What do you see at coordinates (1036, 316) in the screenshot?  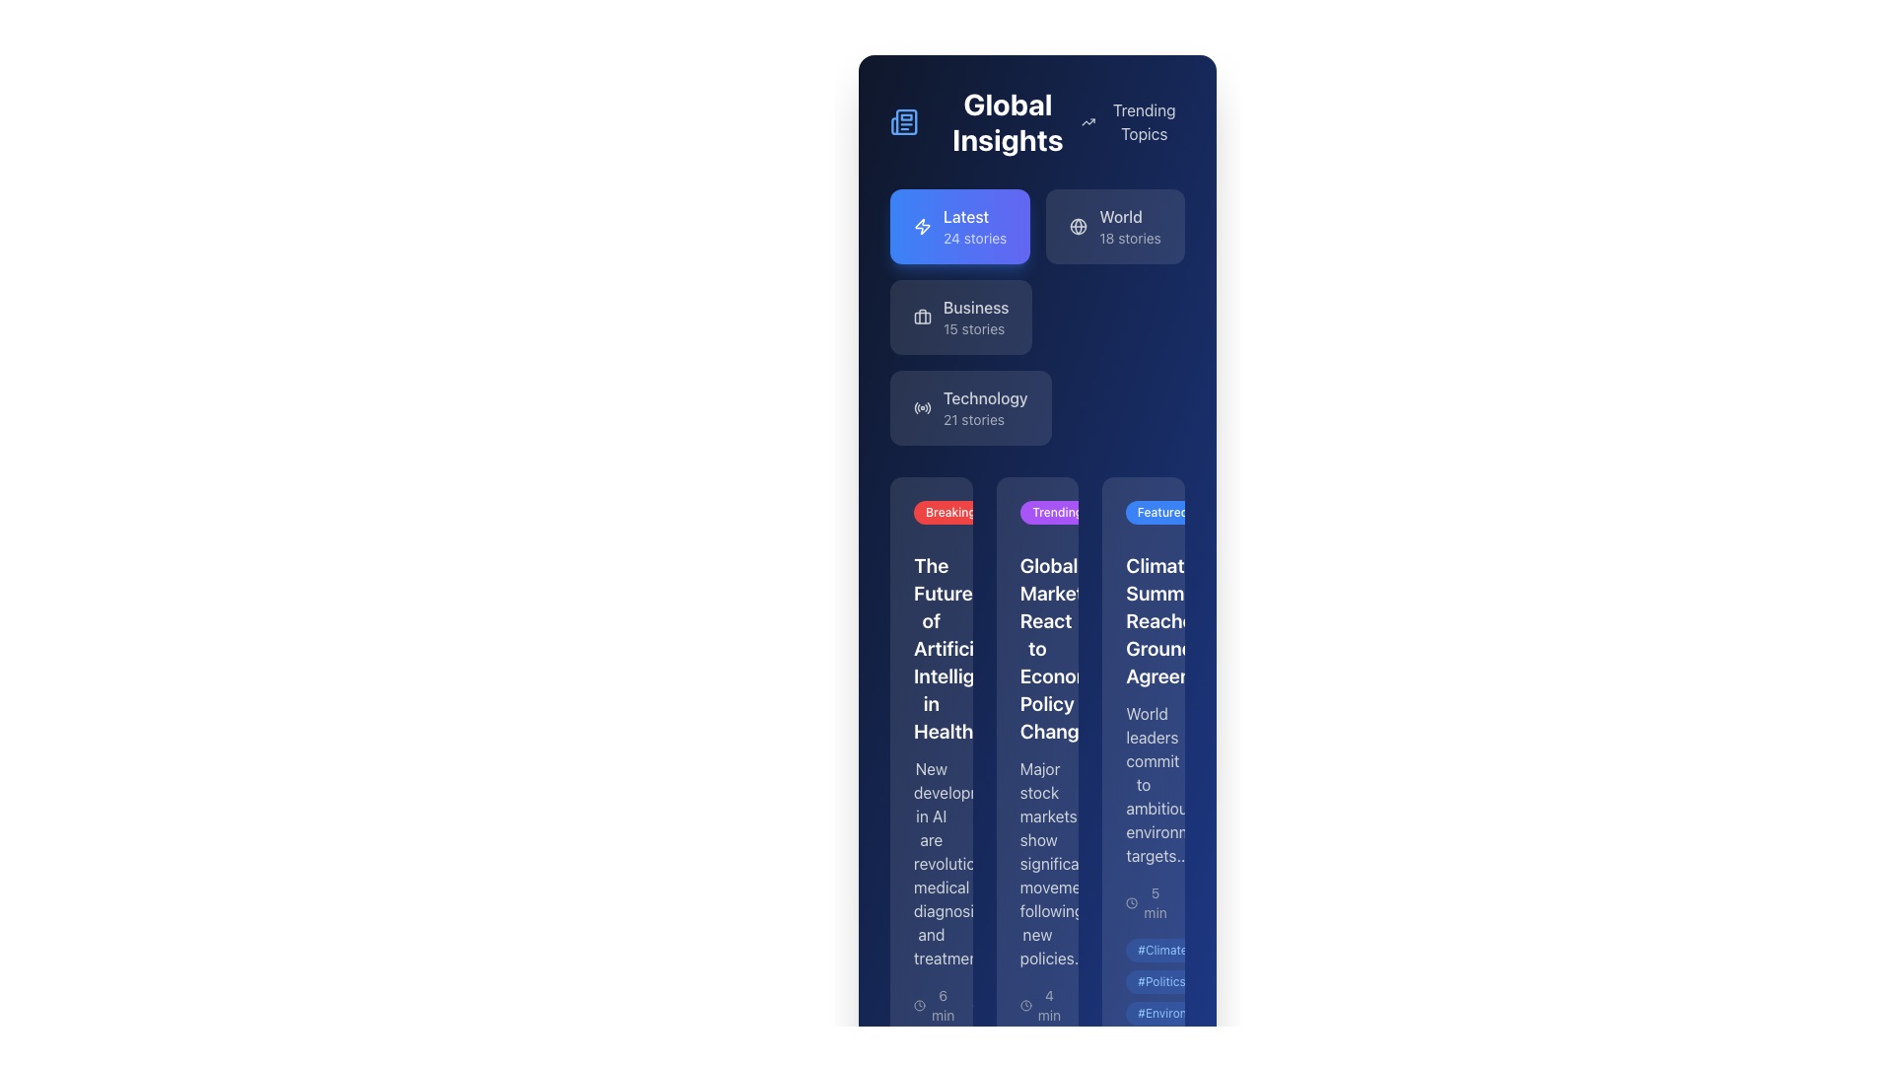 I see `the 'Latest', 'World', 'Business', and 'Technology' cards in the Grid of interactive cards` at bounding box center [1036, 316].